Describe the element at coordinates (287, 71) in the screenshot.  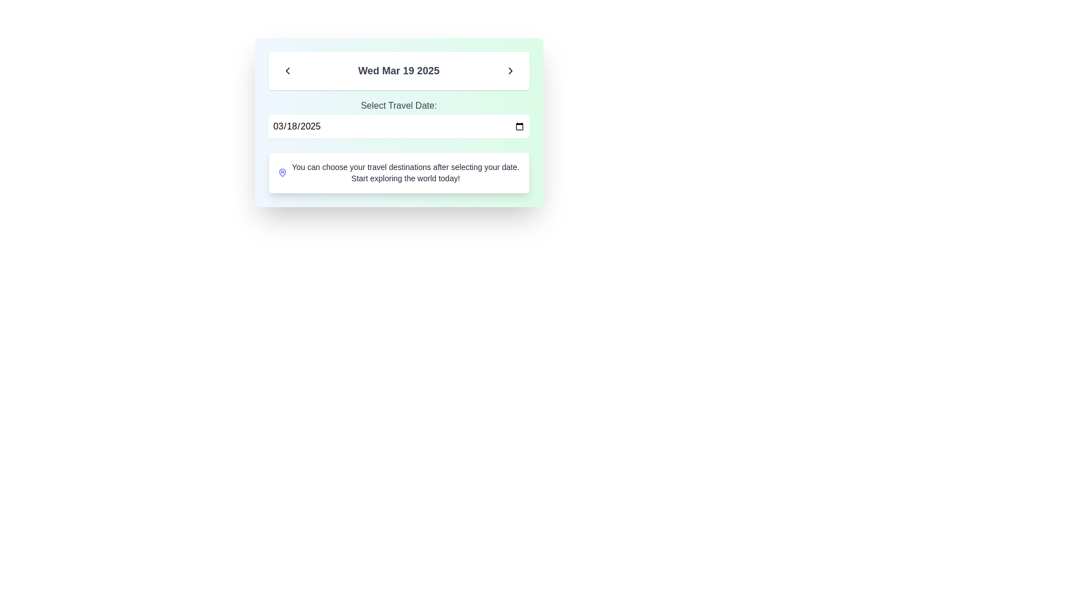
I see `the left-facing chevron SVG icon, which is positioned to the left of the text 'Wed Mar 19 2025'` at that location.